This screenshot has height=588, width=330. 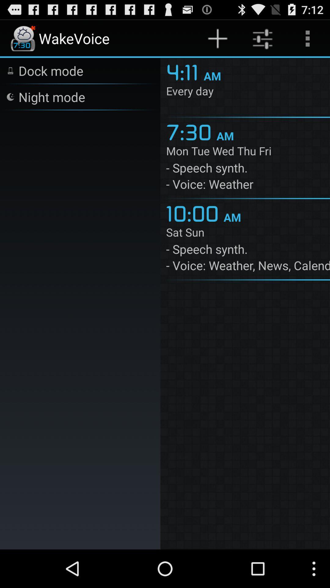 I want to click on icon to the left of the am, so click(x=185, y=71).